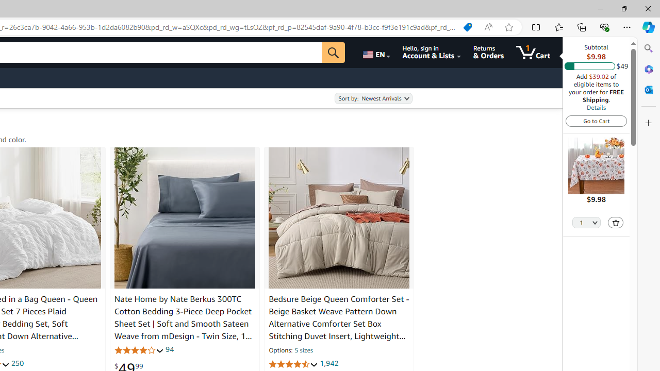 Image resolution: width=660 pixels, height=371 pixels. Describe the element at coordinates (586, 221) in the screenshot. I see `'Quantity Selector'` at that location.